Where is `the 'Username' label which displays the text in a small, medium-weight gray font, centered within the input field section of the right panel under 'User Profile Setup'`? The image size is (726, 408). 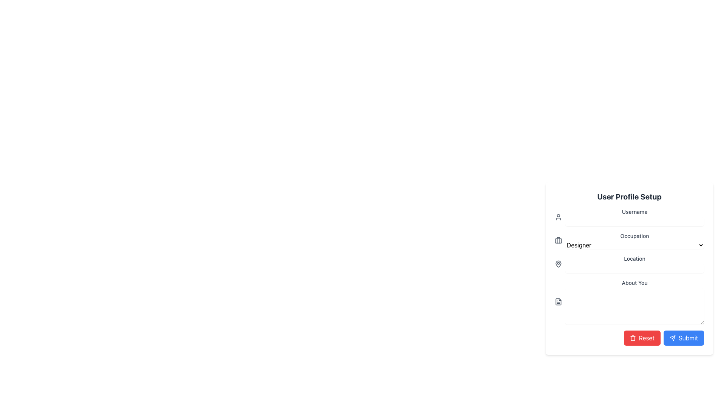
the 'Username' label which displays the text in a small, medium-weight gray font, centered within the input field section of the right panel under 'User Profile Setup' is located at coordinates (634, 212).